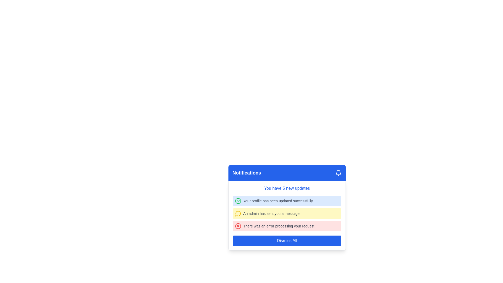 Image resolution: width=503 pixels, height=283 pixels. Describe the element at coordinates (238, 226) in the screenshot. I see `the red circular icon with an 'X' glyph located in the leftmost area of the notification card's third row` at that location.